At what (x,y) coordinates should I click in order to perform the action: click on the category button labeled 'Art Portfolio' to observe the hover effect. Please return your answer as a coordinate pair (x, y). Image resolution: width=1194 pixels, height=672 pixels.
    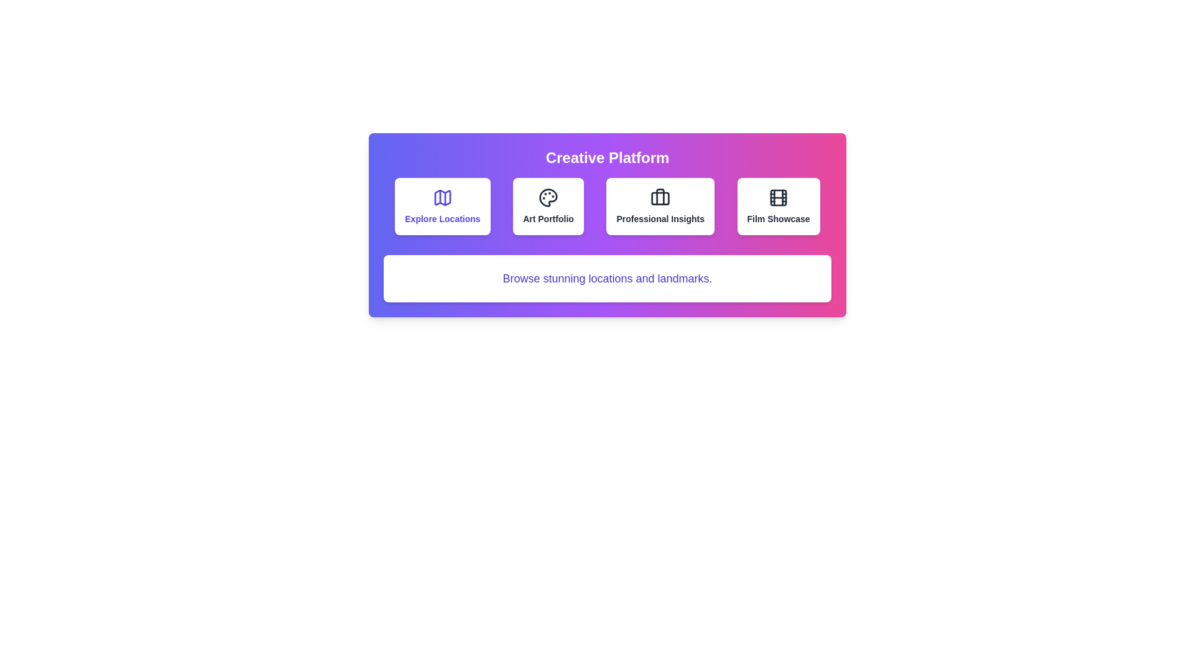
    Looking at the image, I should click on (548, 205).